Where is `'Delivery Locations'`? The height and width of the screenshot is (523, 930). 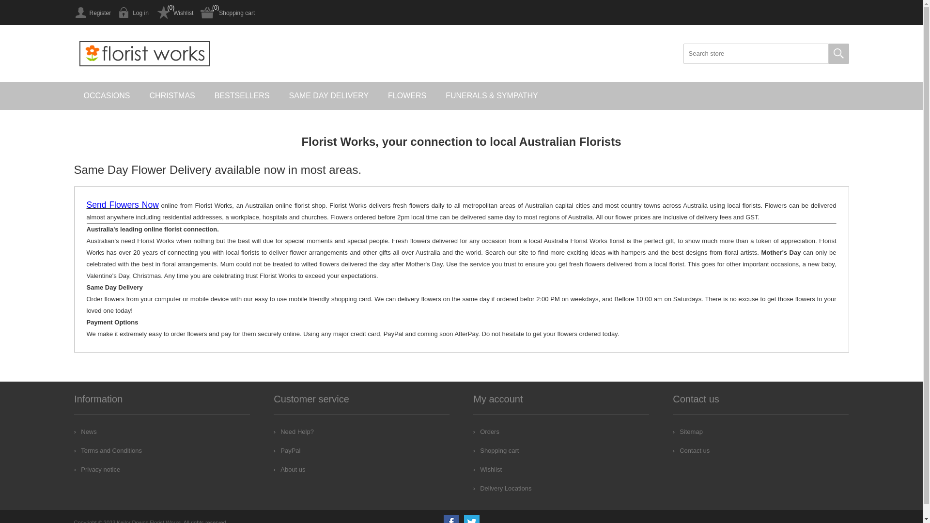 'Delivery Locations' is located at coordinates (502, 488).